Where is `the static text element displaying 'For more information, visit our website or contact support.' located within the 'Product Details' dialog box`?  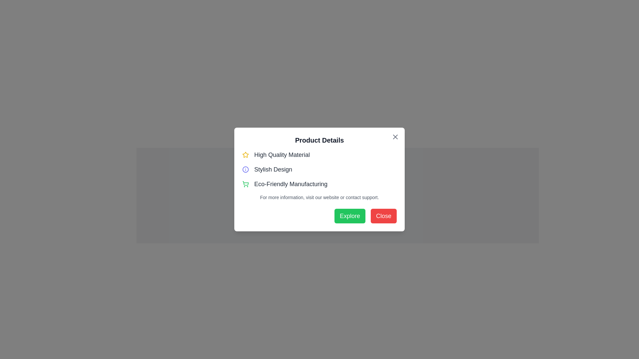 the static text element displaying 'For more information, visit our website or contact support.' located within the 'Product Details' dialog box is located at coordinates (319, 197).